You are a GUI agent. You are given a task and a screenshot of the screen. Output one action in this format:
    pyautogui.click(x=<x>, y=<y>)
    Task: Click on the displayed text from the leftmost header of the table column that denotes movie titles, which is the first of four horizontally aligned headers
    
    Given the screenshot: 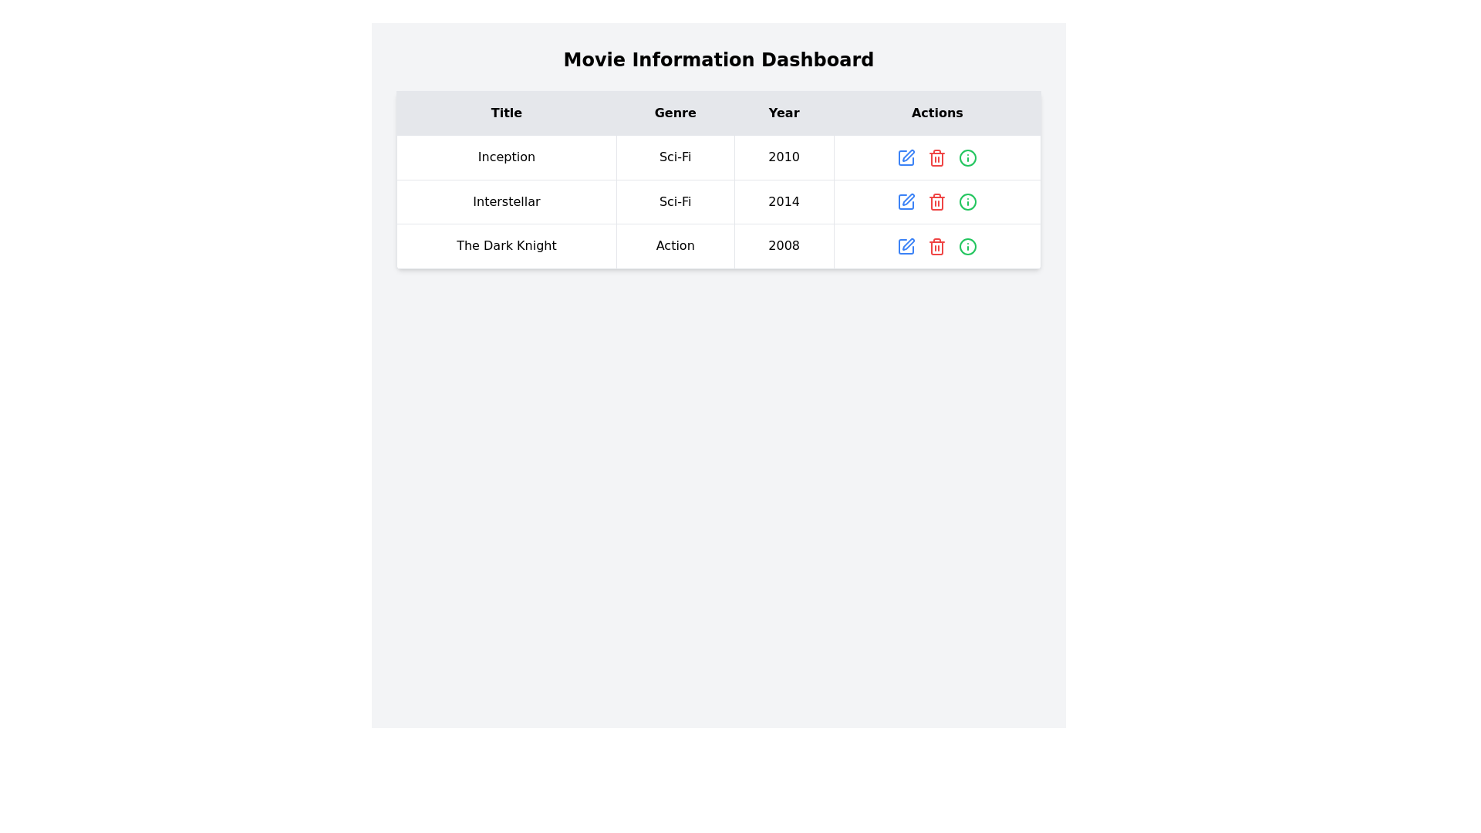 What is the action you would take?
    pyautogui.click(x=507, y=112)
    